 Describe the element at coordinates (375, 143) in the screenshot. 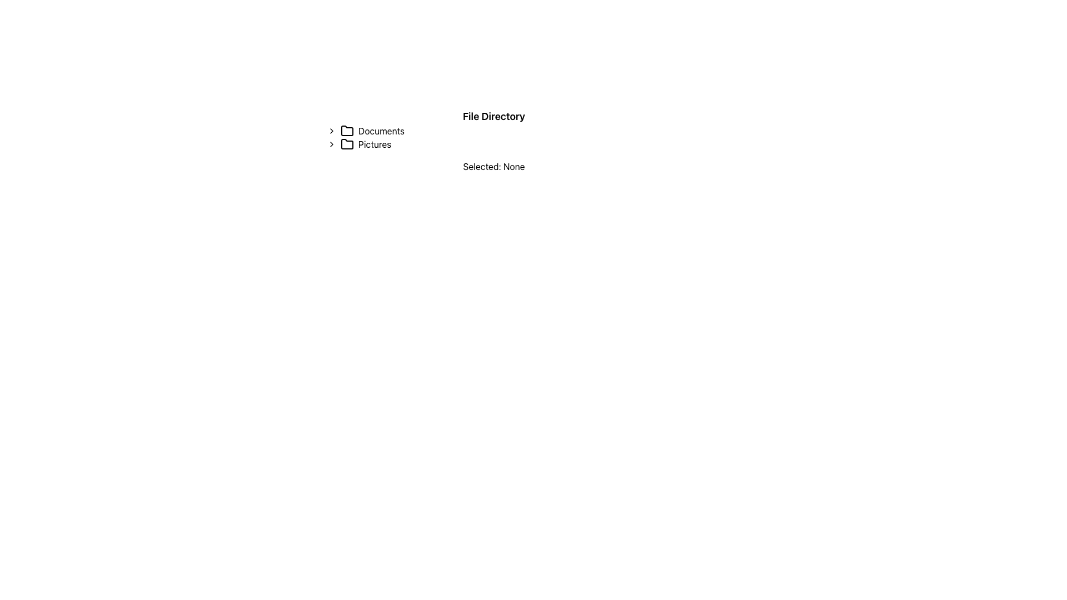

I see `the text label 'Pictures'` at that location.